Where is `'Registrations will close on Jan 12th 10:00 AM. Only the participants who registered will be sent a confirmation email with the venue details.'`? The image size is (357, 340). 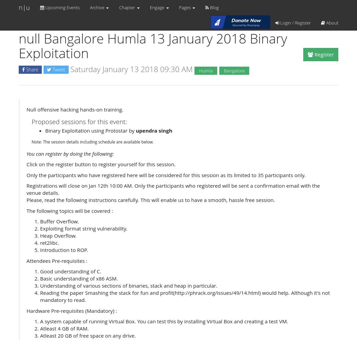
'Registrations will close on Jan 12th 10:00 AM. Only the participants who registered will be sent a confirmation email with the venue details.' is located at coordinates (173, 189).